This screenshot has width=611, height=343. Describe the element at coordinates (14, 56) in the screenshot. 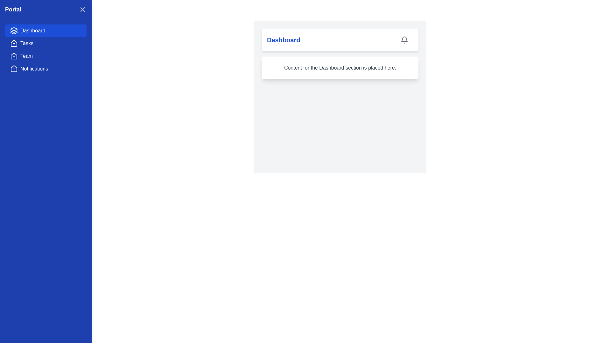

I see `the 'Team' icon in the navigation menu` at that location.